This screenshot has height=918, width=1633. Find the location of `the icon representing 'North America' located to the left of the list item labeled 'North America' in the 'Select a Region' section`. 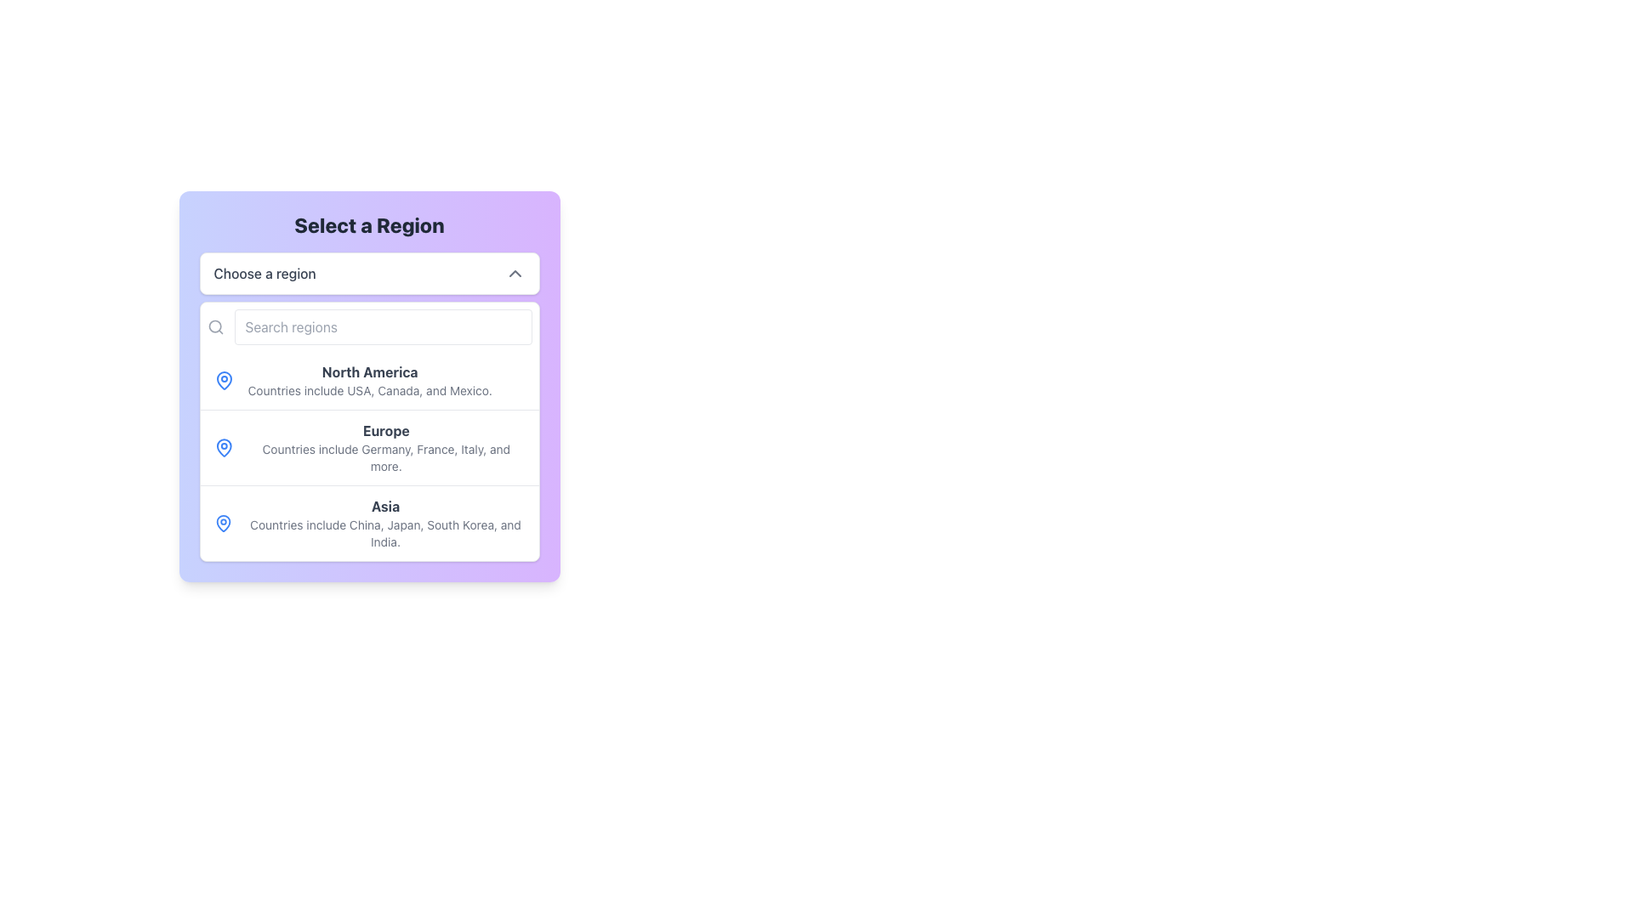

the icon representing 'North America' located to the left of the list item labeled 'North America' in the 'Select a Region' section is located at coordinates (223, 379).